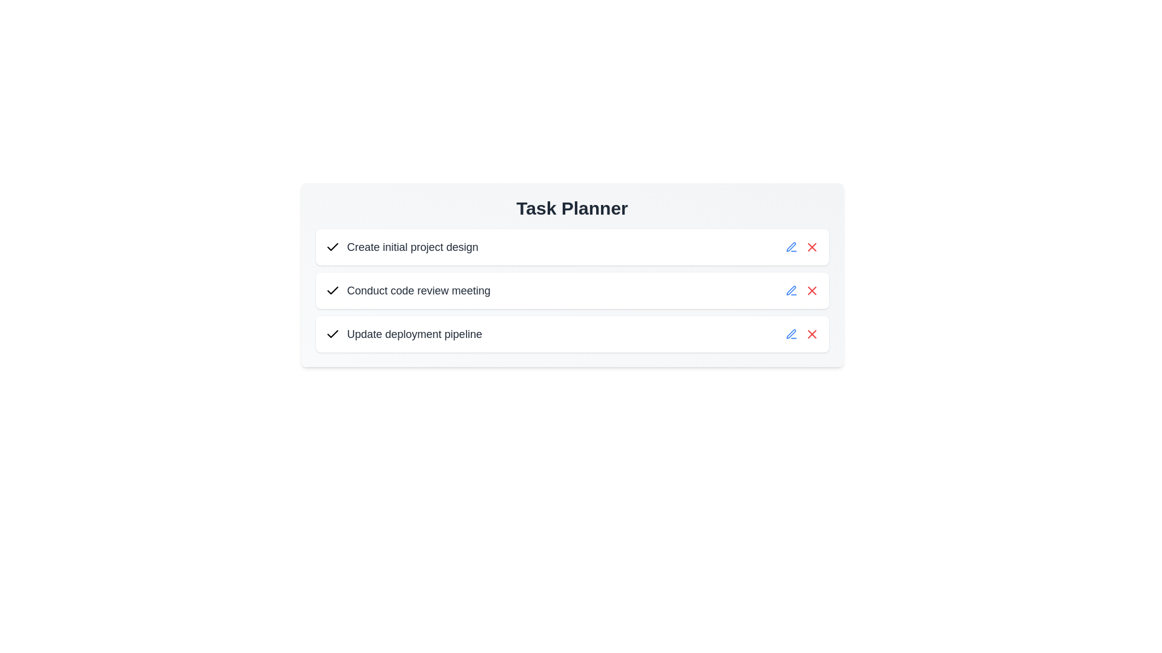 The image size is (1162, 653). I want to click on the edit icon button represented by a pen icon, located between the task description and the delete icon in the action row, so click(791, 246).